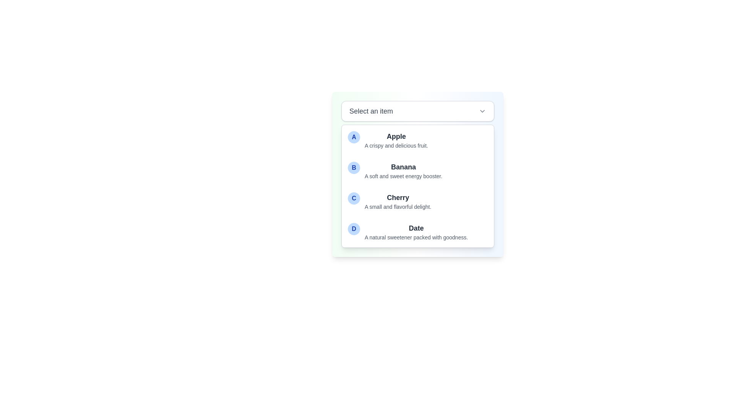 This screenshot has height=413, width=734. What do you see at coordinates (416, 228) in the screenshot?
I see `the bold 'Date' text label, which is prominently displayed in dark gray above the description in the dropdown menu` at bounding box center [416, 228].